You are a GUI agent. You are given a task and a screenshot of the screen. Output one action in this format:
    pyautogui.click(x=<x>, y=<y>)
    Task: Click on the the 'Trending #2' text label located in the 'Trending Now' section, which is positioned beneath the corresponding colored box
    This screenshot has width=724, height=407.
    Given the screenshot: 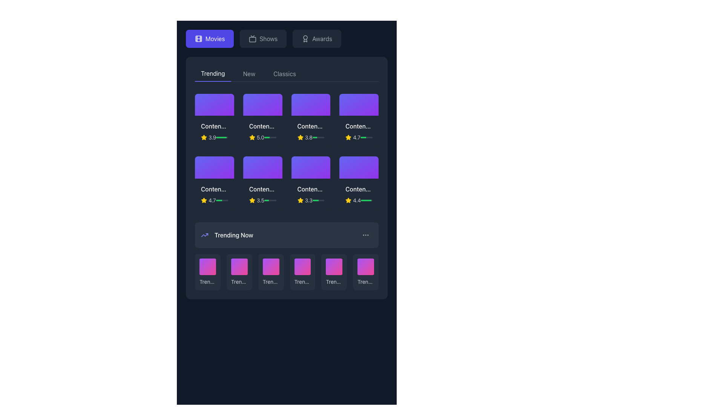 What is the action you would take?
    pyautogui.click(x=239, y=282)
    